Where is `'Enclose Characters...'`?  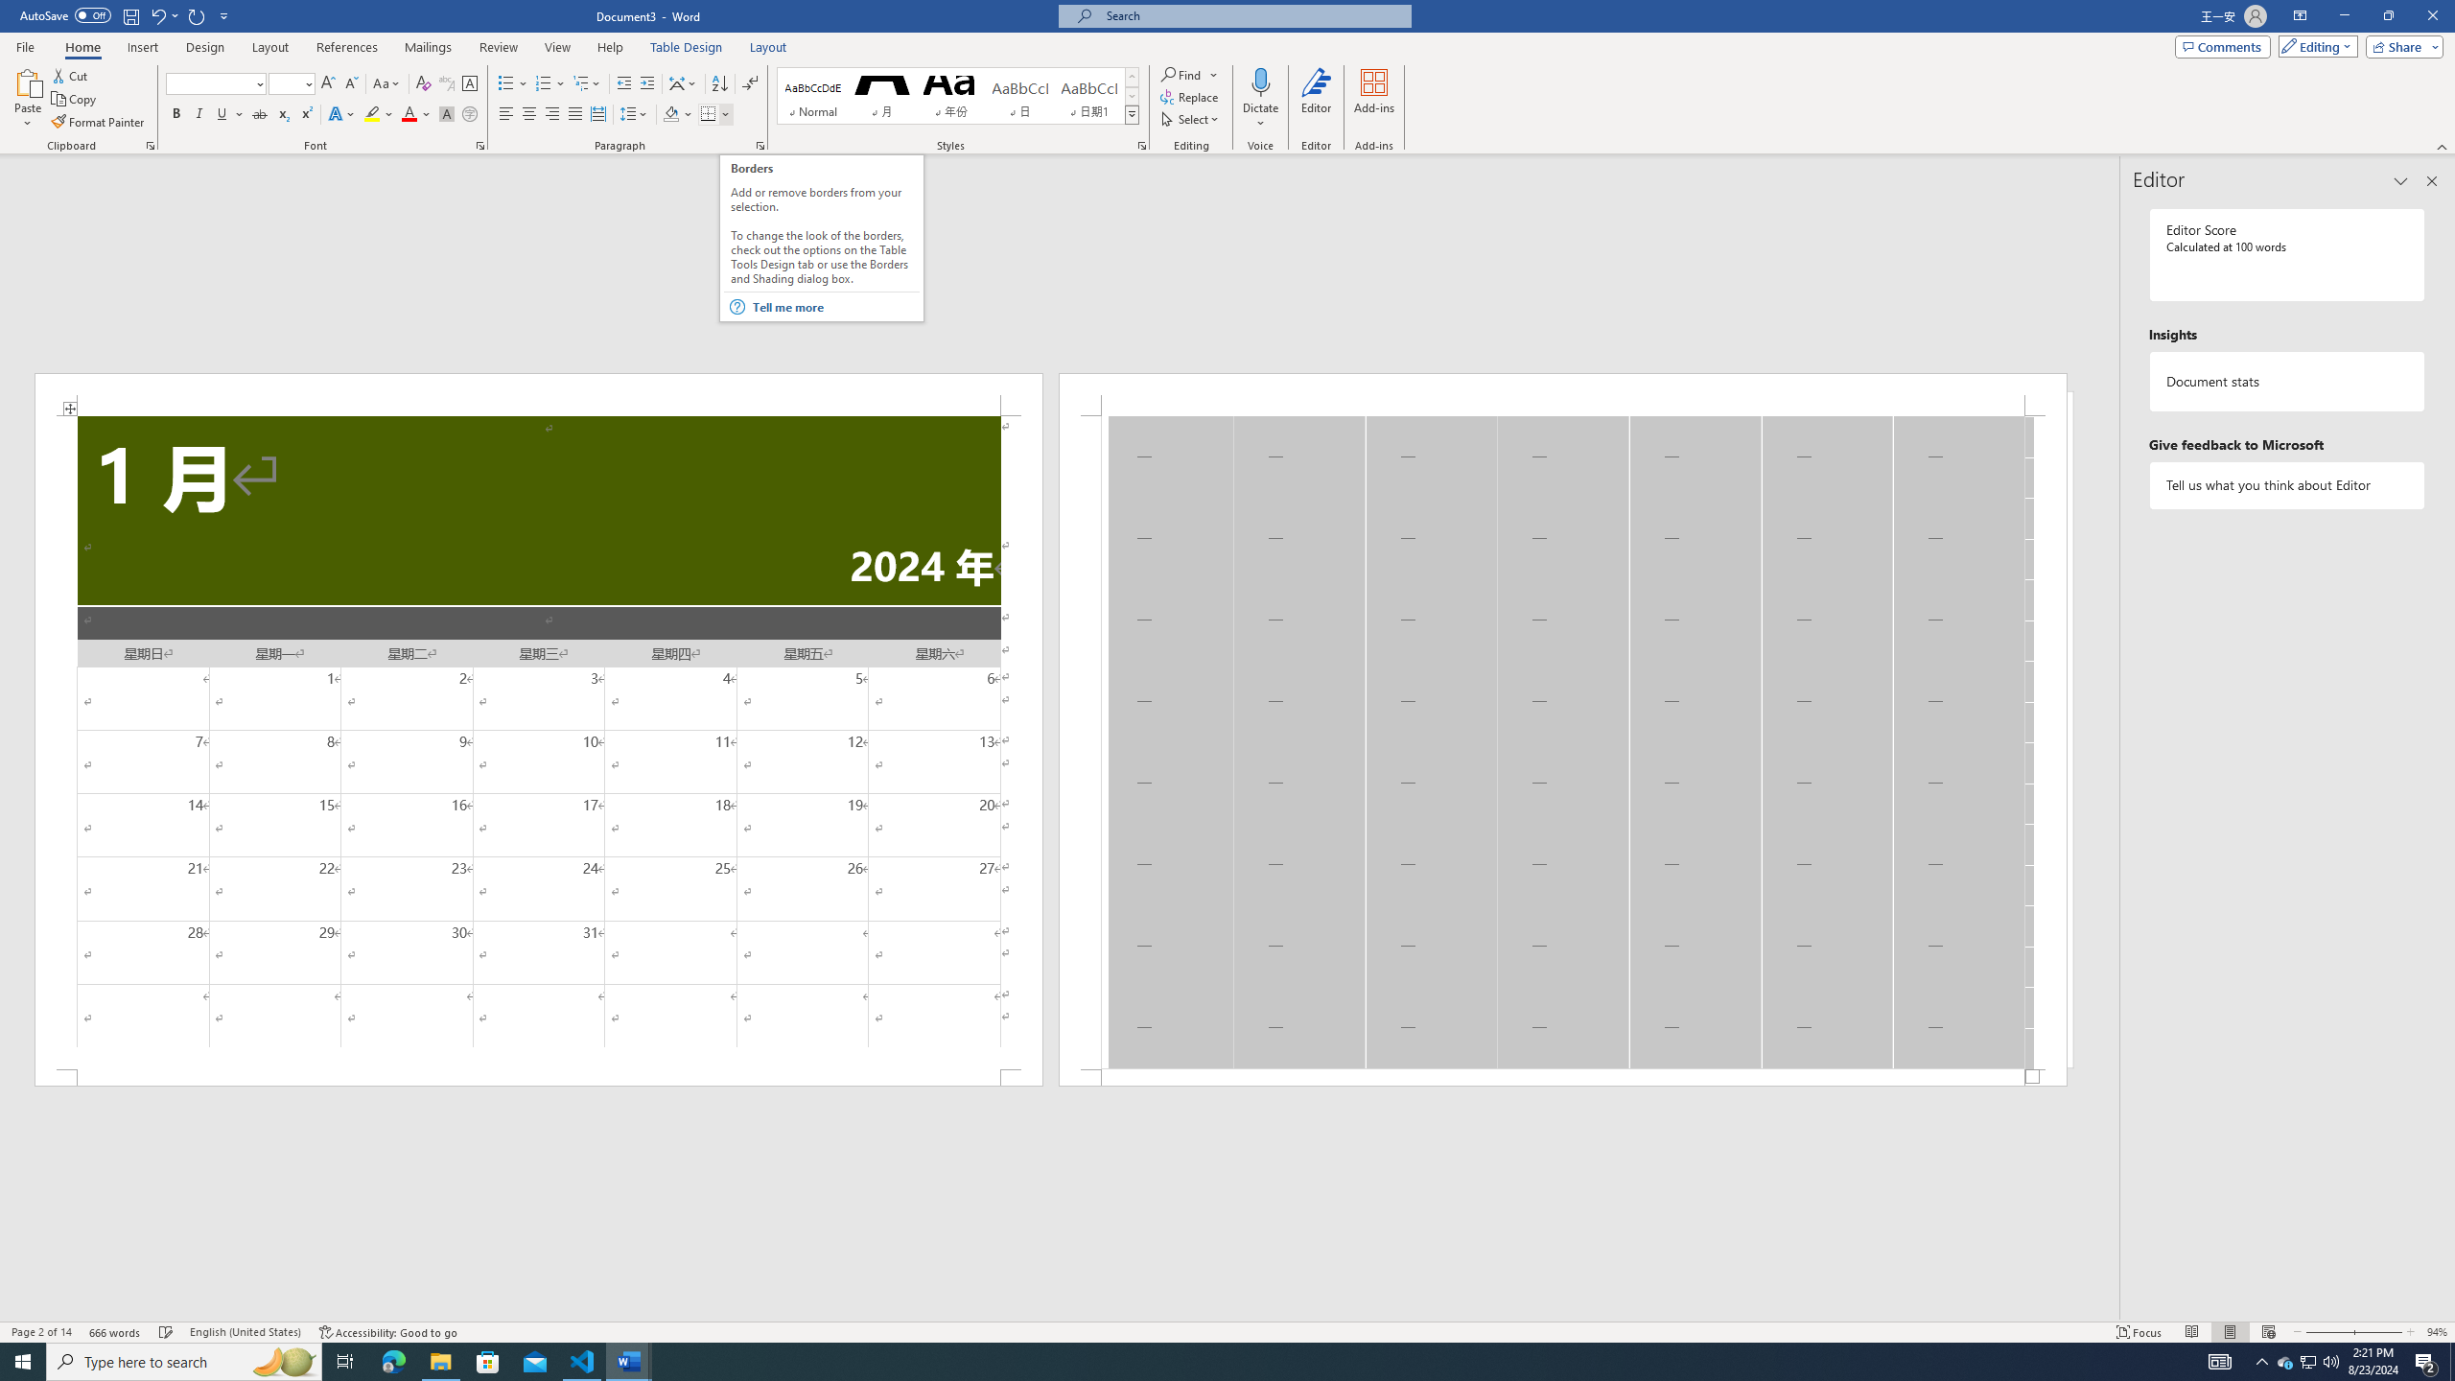
'Enclose Characters...' is located at coordinates (469, 113).